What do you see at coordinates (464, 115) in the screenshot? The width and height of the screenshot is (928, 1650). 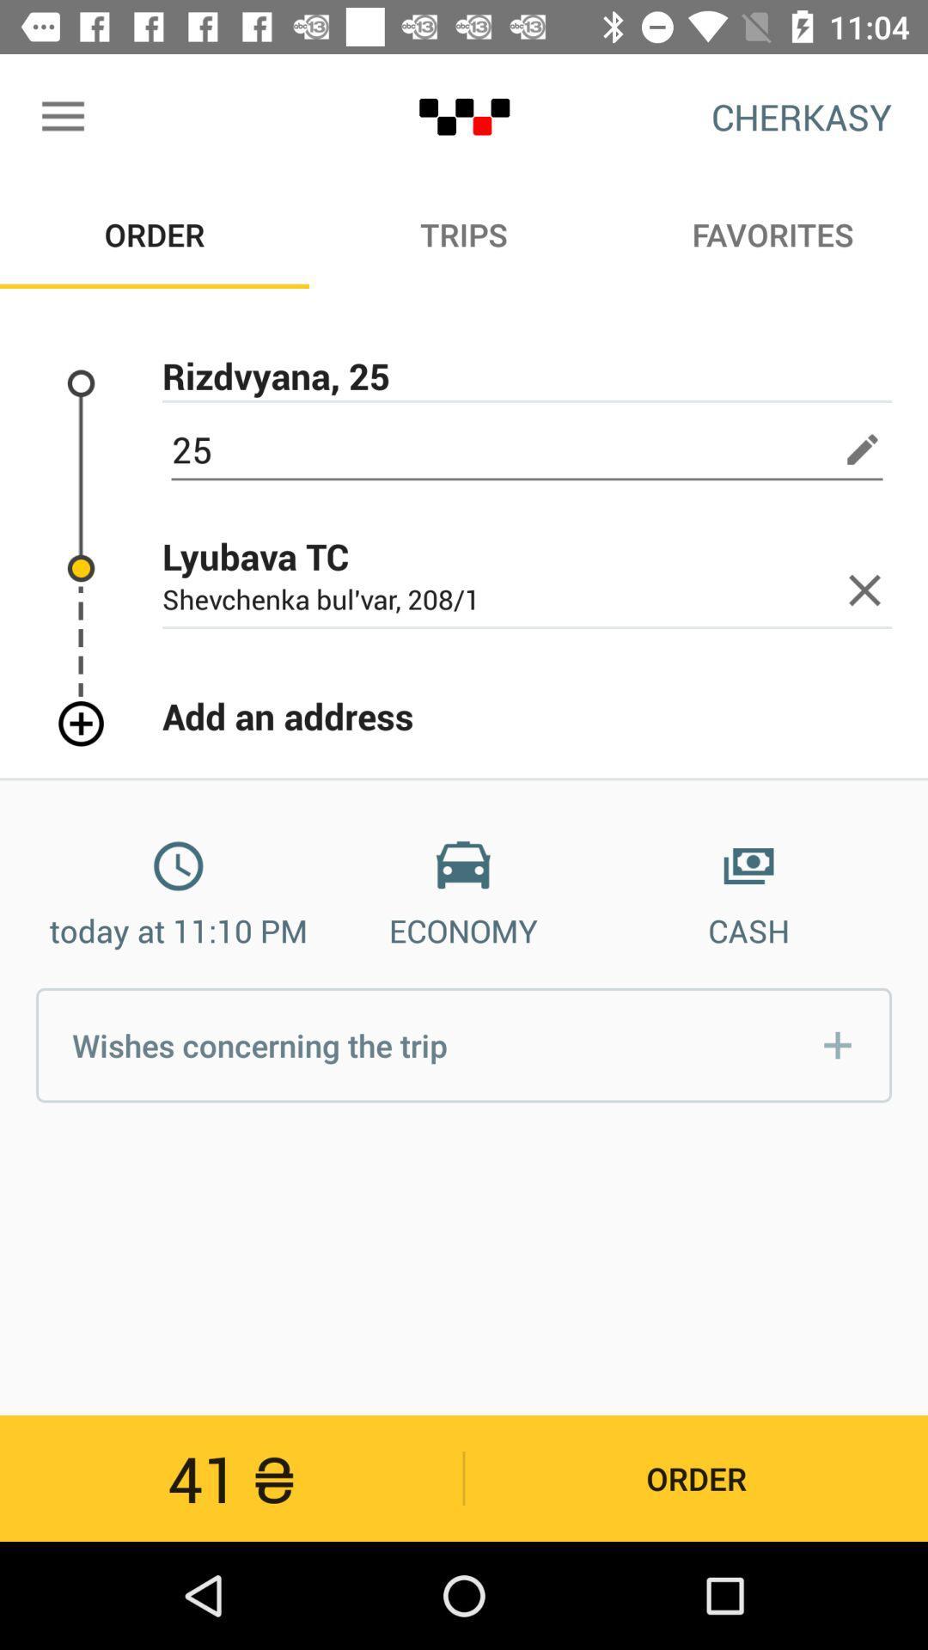 I see `the image bedside the menu icon` at bounding box center [464, 115].